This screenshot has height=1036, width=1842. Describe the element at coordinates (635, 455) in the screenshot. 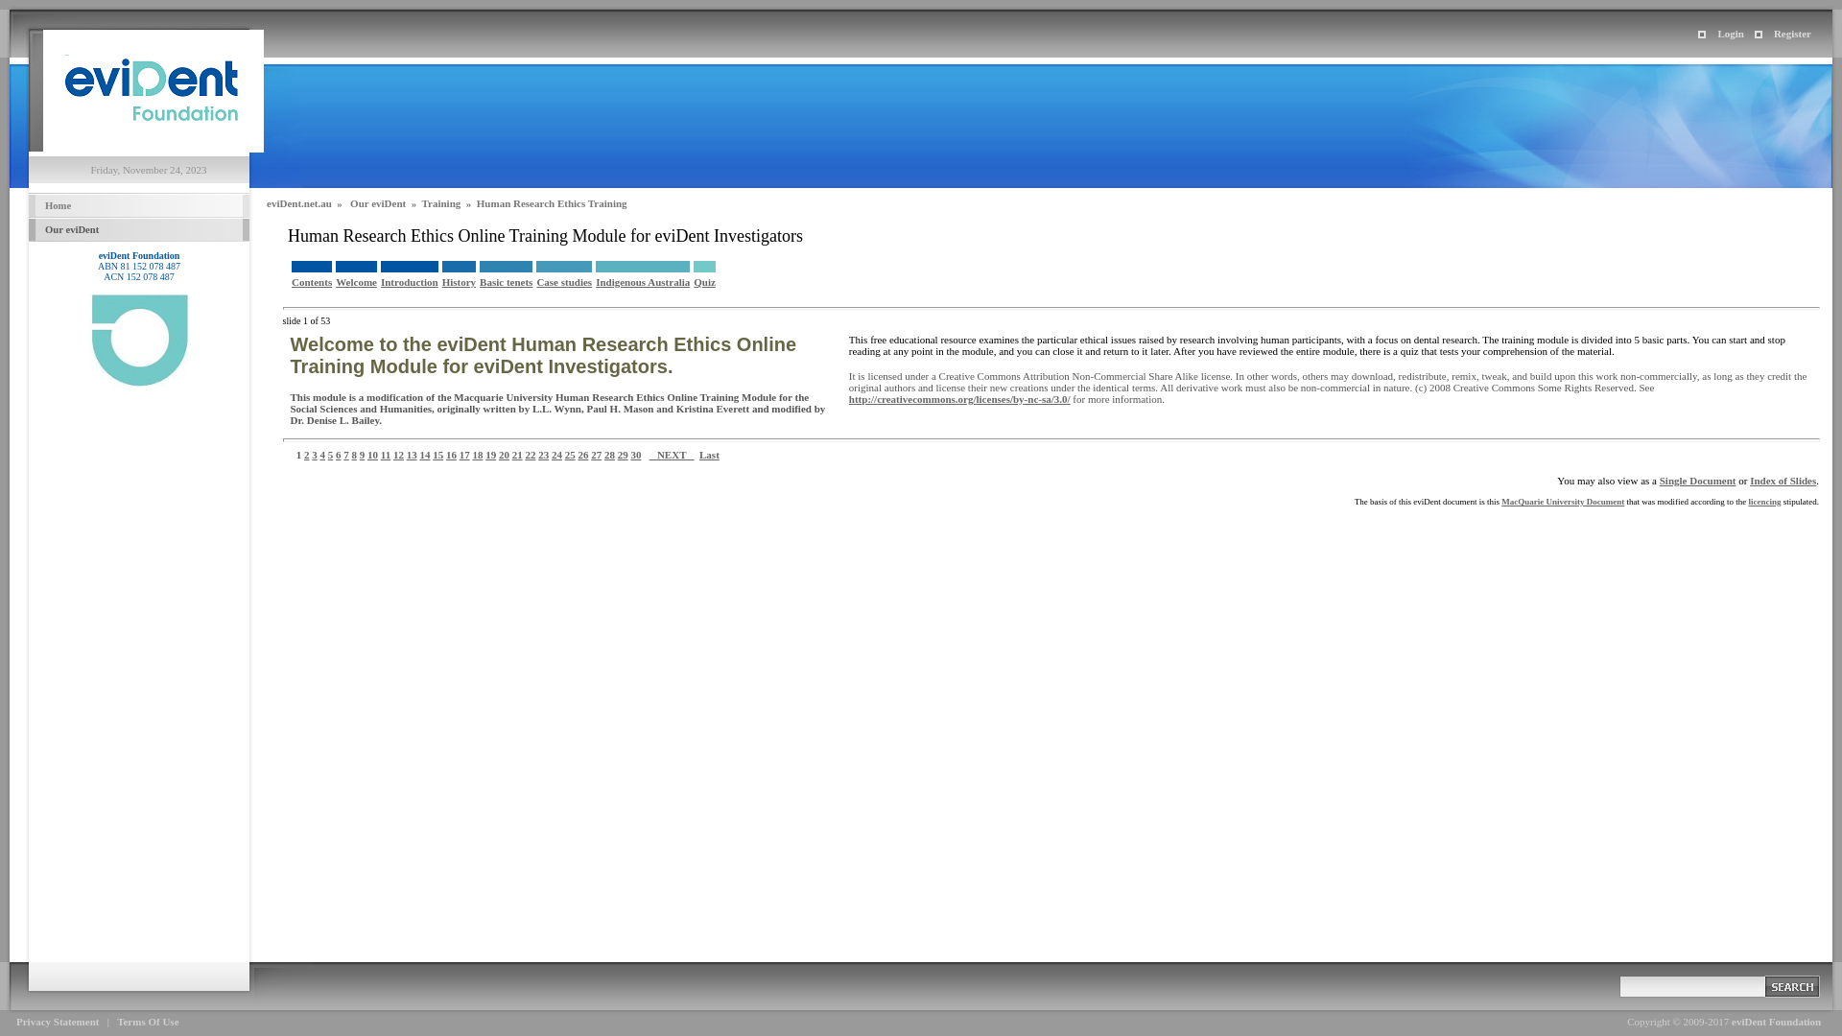

I see `'30'` at that location.